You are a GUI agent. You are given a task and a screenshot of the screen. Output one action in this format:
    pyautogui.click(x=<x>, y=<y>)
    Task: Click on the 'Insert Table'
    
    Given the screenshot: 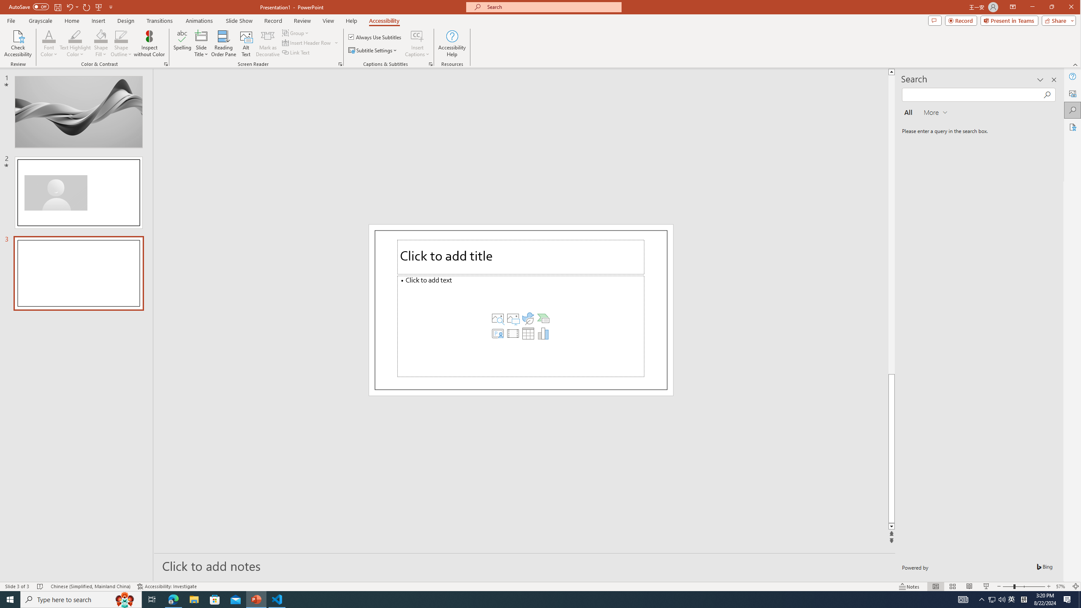 What is the action you would take?
    pyautogui.click(x=528, y=333)
    